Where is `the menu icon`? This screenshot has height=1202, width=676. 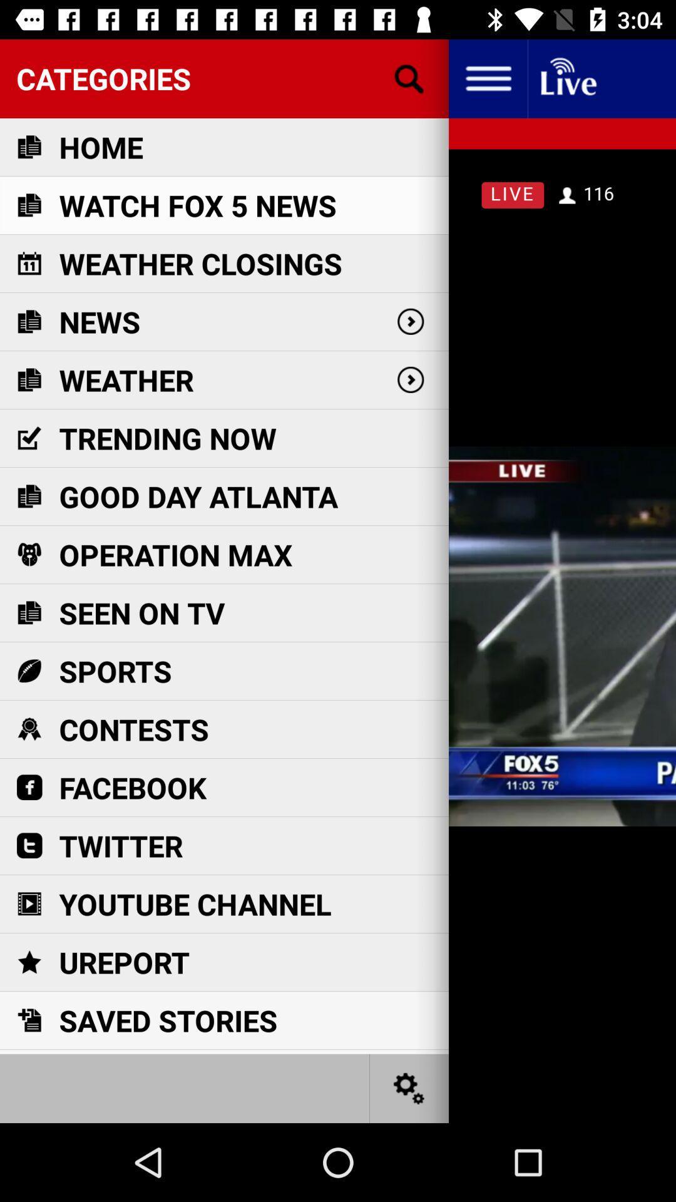 the menu icon is located at coordinates (487, 78).